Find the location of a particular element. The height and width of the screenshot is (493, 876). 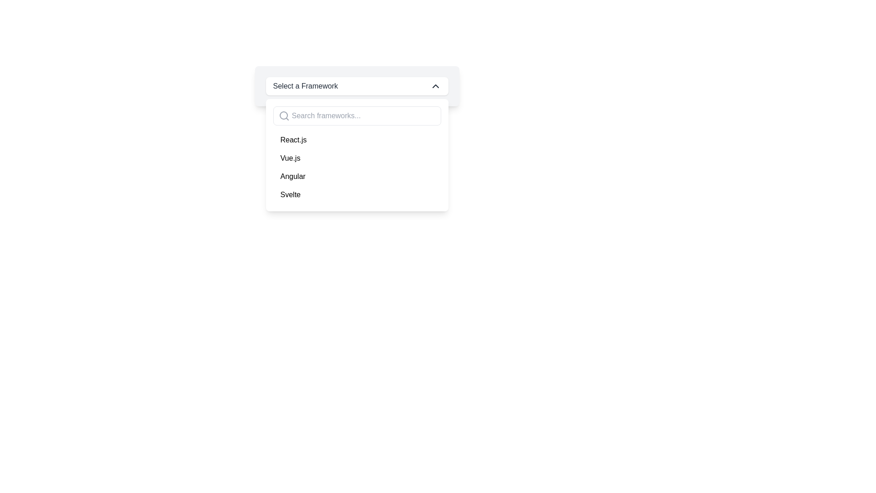

the search icon located inside the search bar at the top of the dropdown list, which visually represents the search action and is positioned adjacent to the placeholder text 'Search frameworks...' is located at coordinates (283, 115).